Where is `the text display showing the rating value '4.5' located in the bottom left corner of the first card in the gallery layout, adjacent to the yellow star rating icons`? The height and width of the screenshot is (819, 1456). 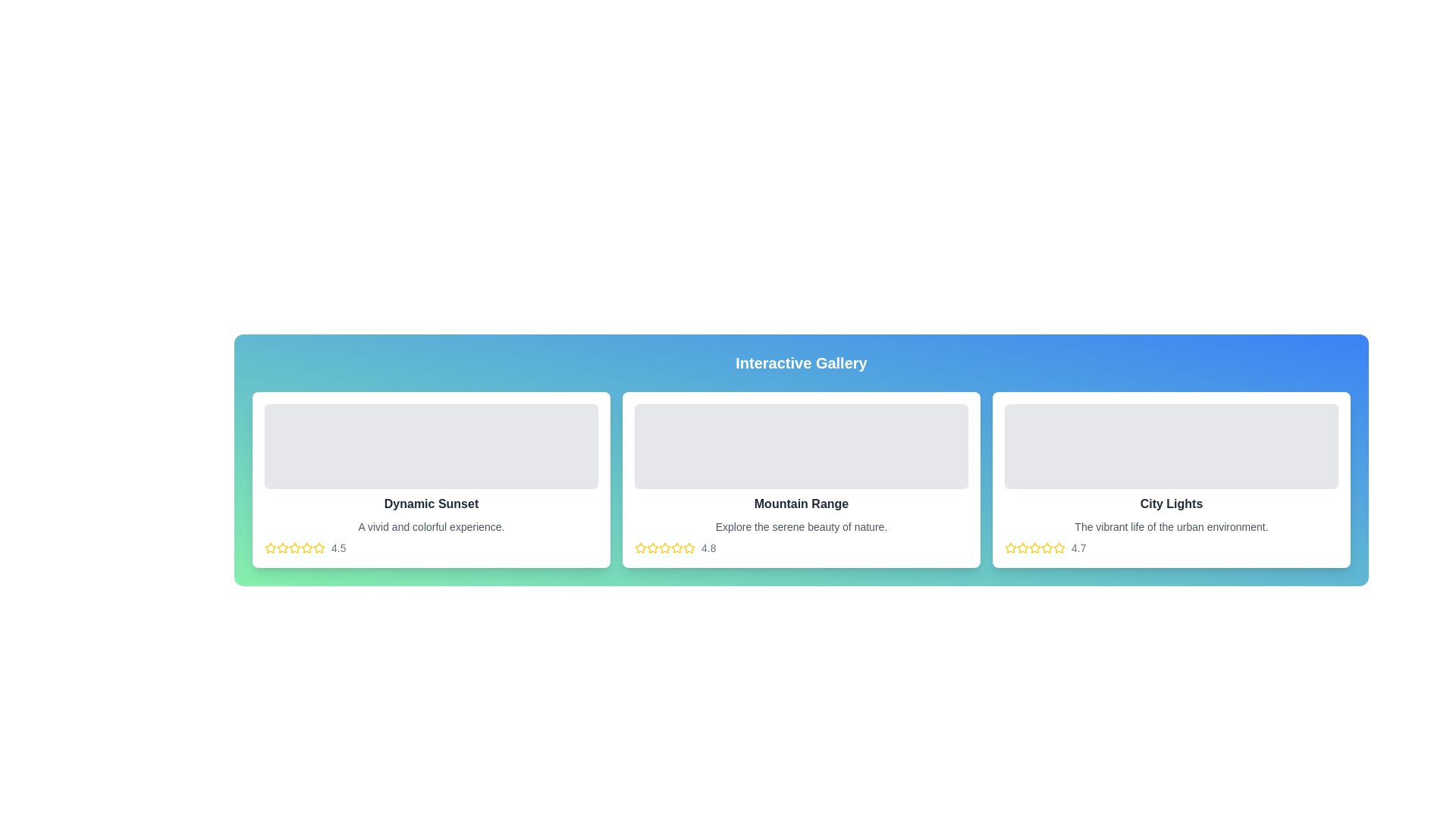
the text display showing the rating value '4.5' located in the bottom left corner of the first card in the gallery layout, adjacent to the yellow star rating icons is located at coordinates (337, 548).